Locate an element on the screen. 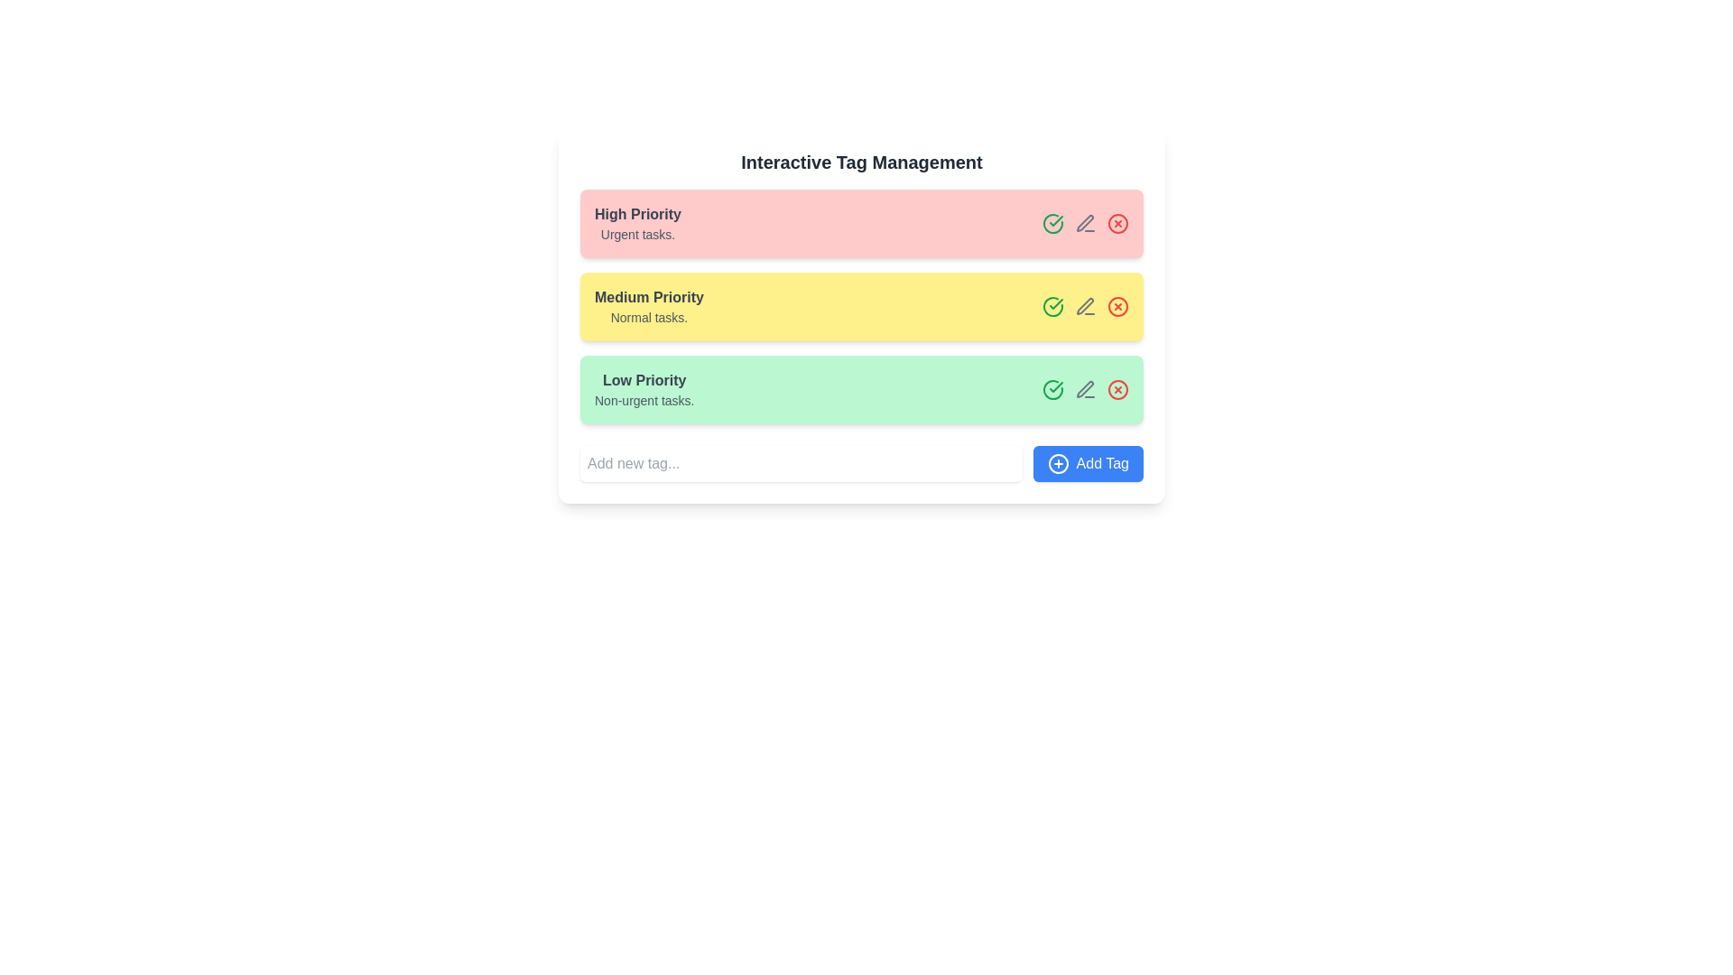  the interactive icon in the 'Medium Priority' section, located at the first position to the left of the 'Edit' and 'Delete' icons is located at coordinates (1052, 305).